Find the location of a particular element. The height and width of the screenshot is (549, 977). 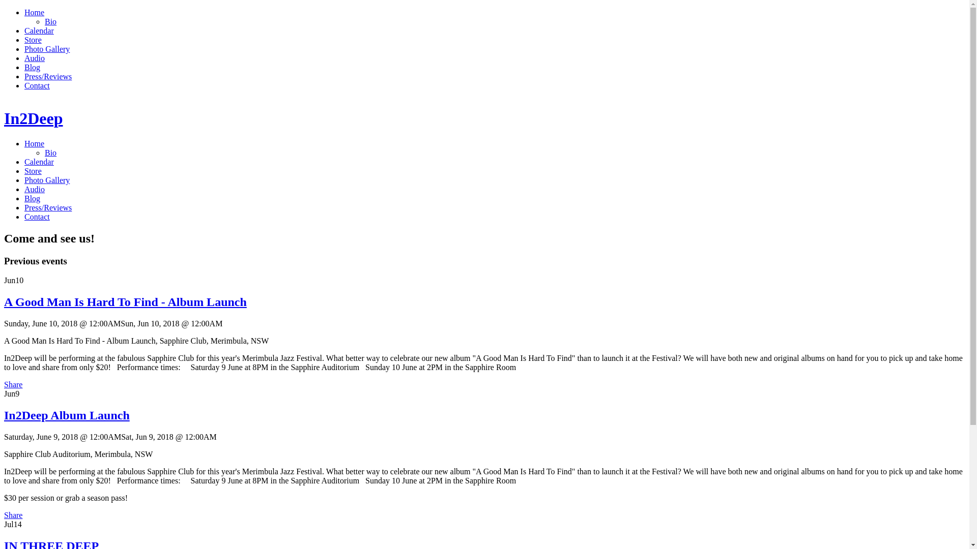

'Calendar' is located at coordinates (39, 161).